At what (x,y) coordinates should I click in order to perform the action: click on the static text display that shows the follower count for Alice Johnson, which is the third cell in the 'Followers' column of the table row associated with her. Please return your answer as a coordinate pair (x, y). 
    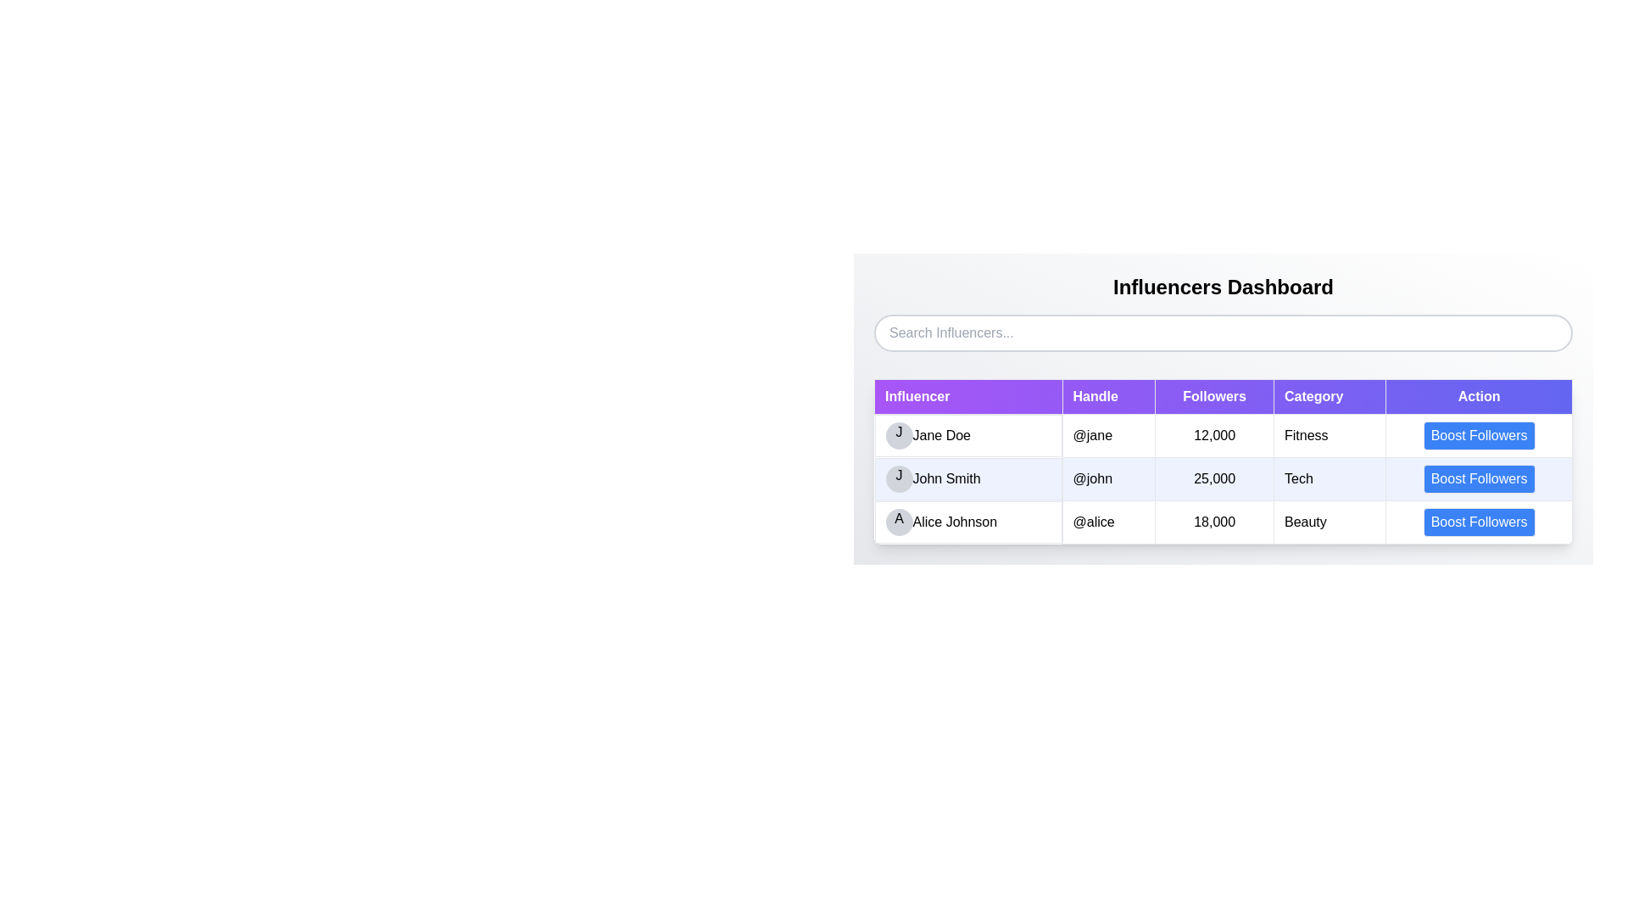
    Looking at the image, I should click on (1213, 522).